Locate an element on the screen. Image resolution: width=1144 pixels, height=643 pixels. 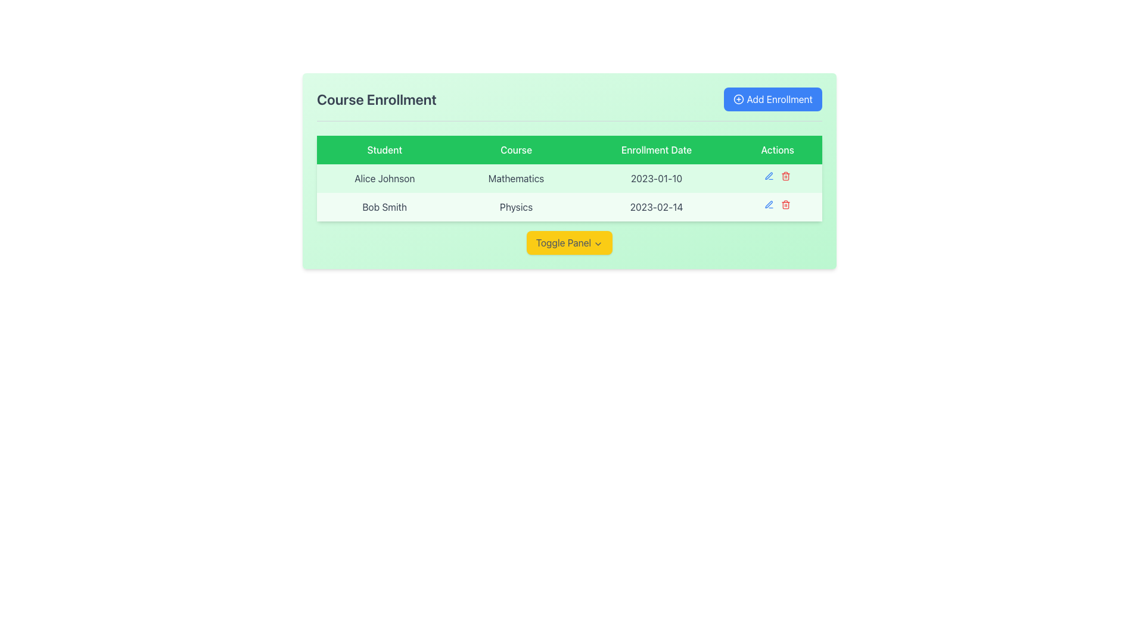
the table cell displaying the course name for the student 'Alice Johnson' in the first row under the 'Course' header is located at coordinates (568, 179).